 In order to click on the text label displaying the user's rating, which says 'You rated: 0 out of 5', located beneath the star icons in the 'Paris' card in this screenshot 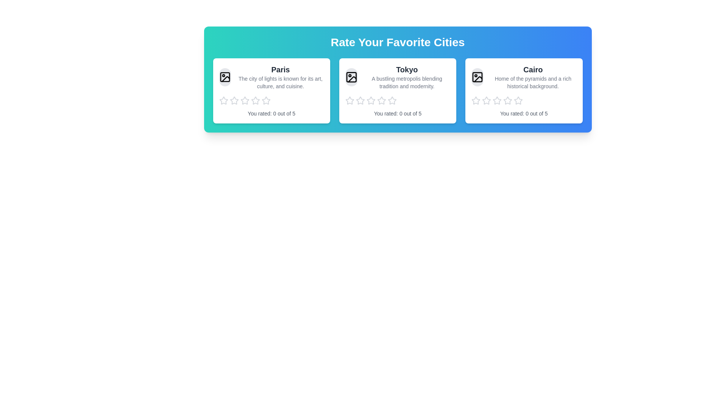, I will do `click(271, 114)`.